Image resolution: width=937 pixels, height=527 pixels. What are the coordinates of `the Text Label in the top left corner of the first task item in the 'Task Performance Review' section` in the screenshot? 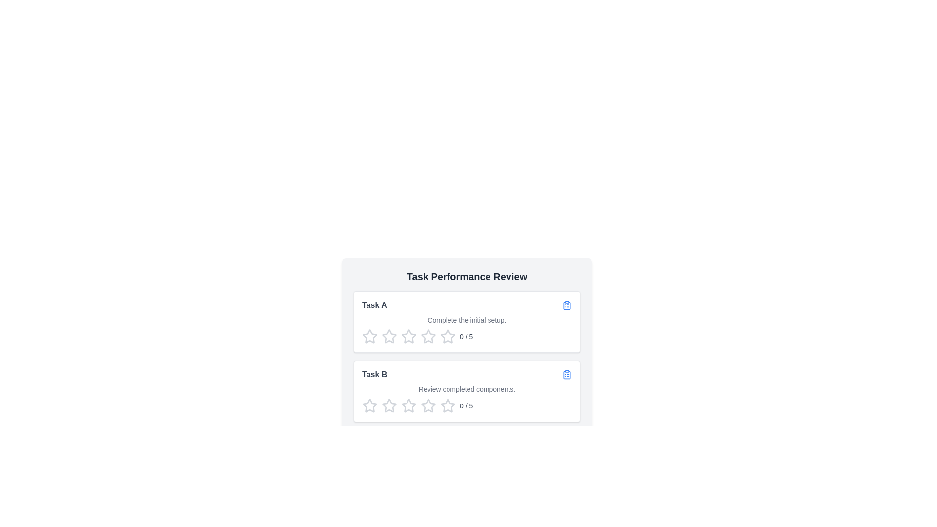 It's located at (374, 304).